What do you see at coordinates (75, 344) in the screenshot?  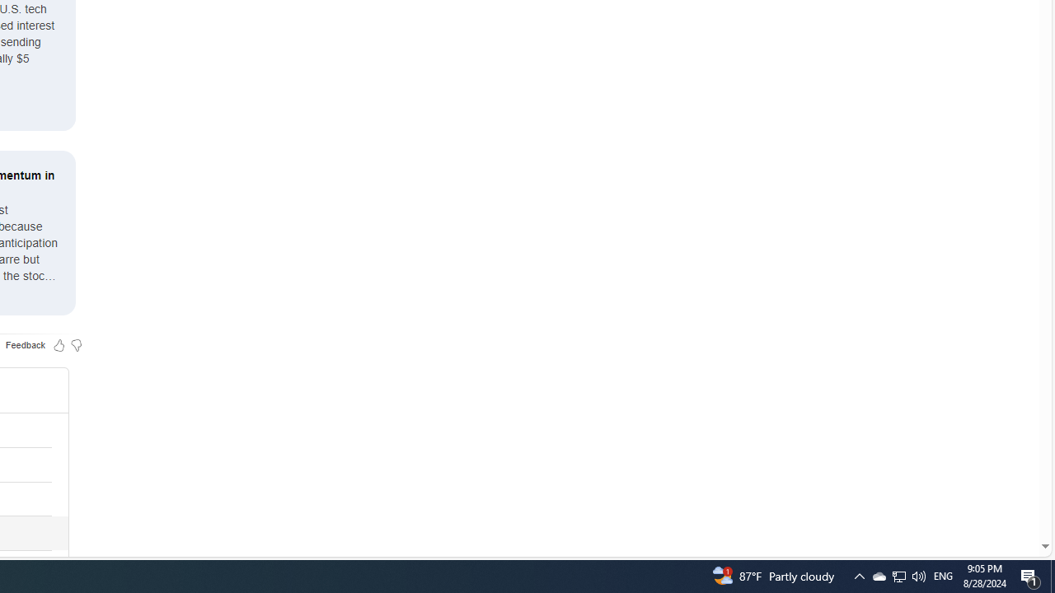 I see `'Feedback Dislike'` at bounding box center [75, 344].